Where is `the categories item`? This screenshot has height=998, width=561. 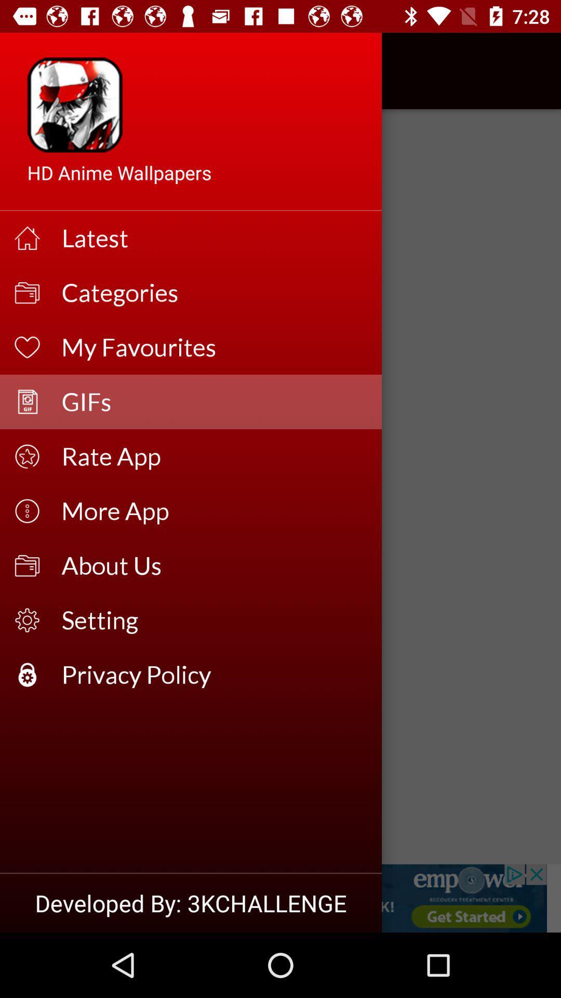
the categories item is located at coordinates (214, 292).